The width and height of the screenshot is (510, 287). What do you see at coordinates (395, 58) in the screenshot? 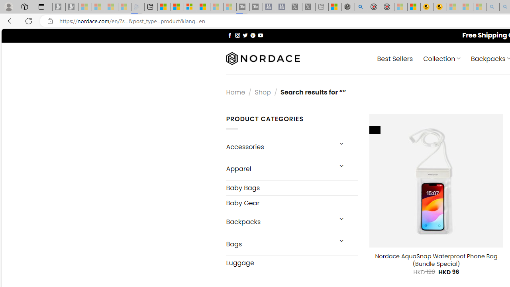
I see `' Best Sellers'` at bounding box center [395, 58].